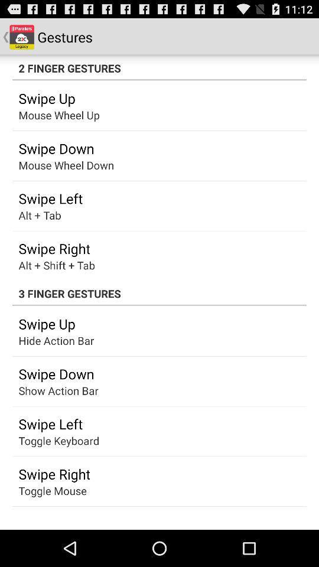 The width and height of the screenshot is (319, 567). I want to click on the show mouse icon, so click(49, 340).